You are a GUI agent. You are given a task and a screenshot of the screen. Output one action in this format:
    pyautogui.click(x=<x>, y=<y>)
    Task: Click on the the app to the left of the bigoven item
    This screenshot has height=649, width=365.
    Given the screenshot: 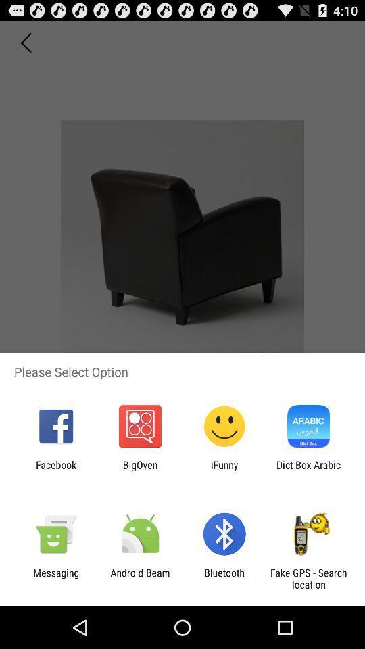 What is the action you would take?
    pyautogui.click(x=55, y=471)
    